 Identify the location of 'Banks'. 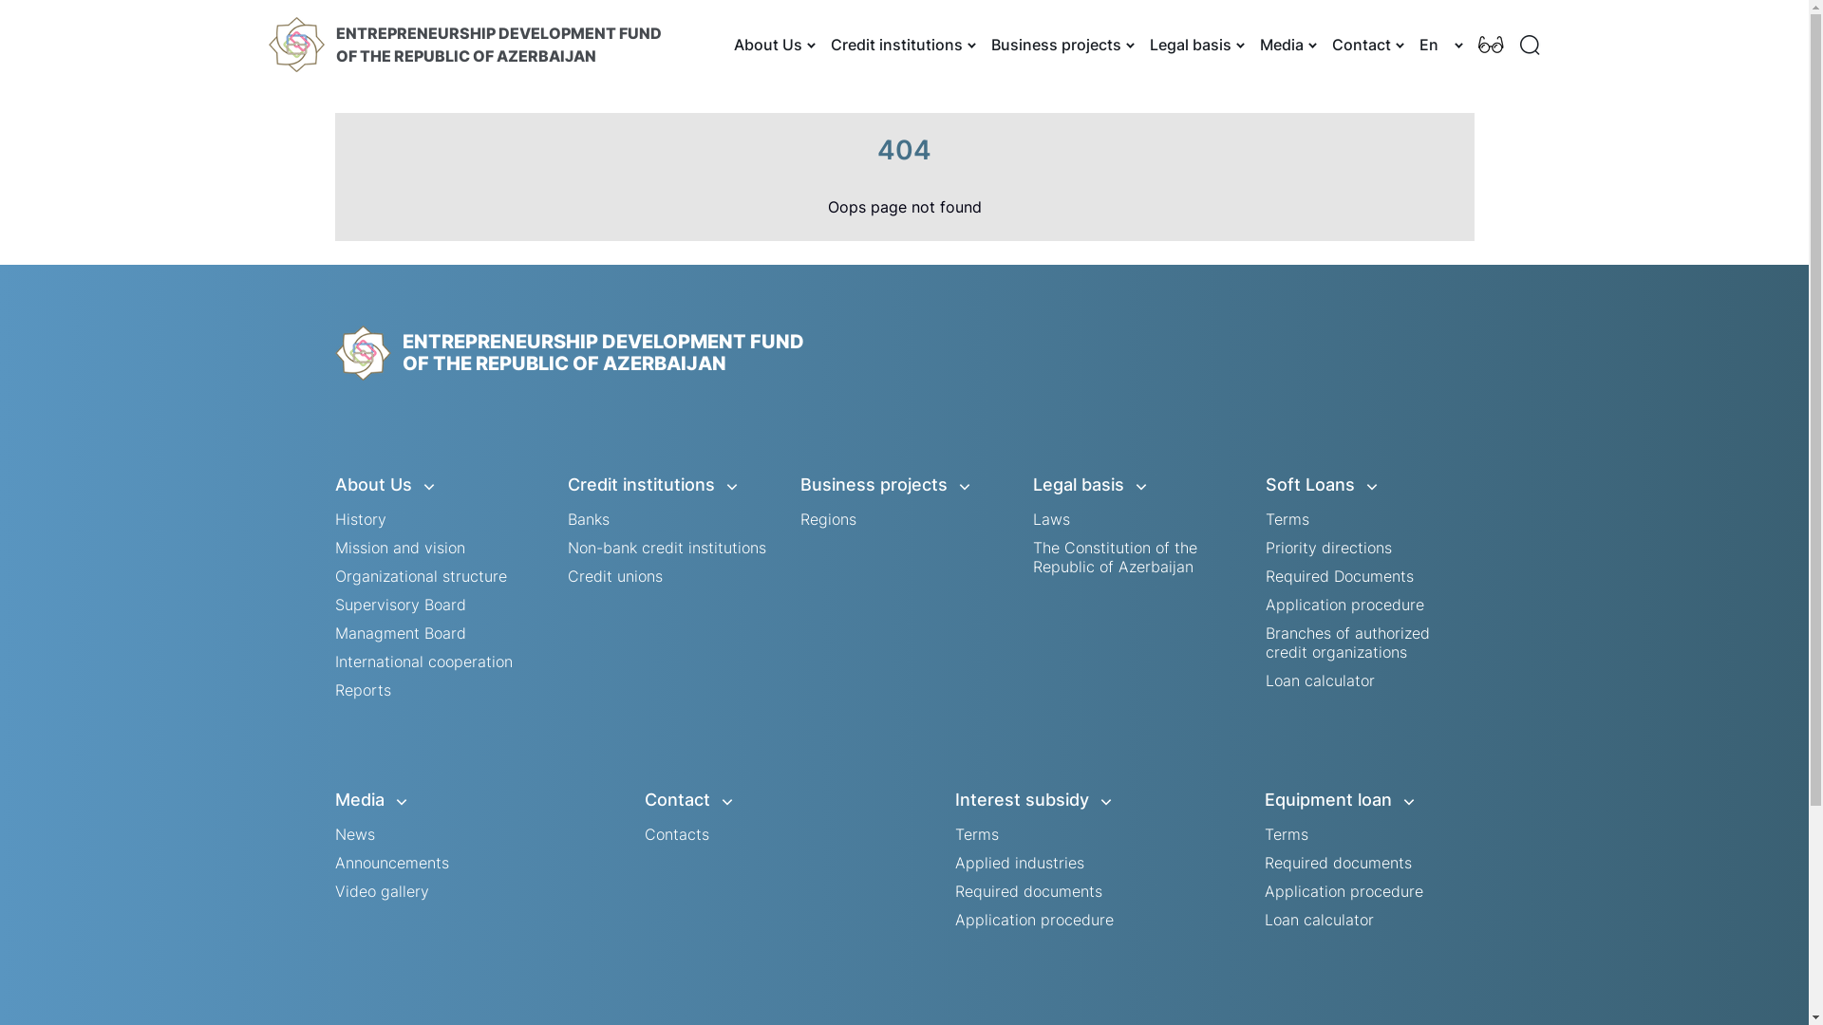
(587, 519).